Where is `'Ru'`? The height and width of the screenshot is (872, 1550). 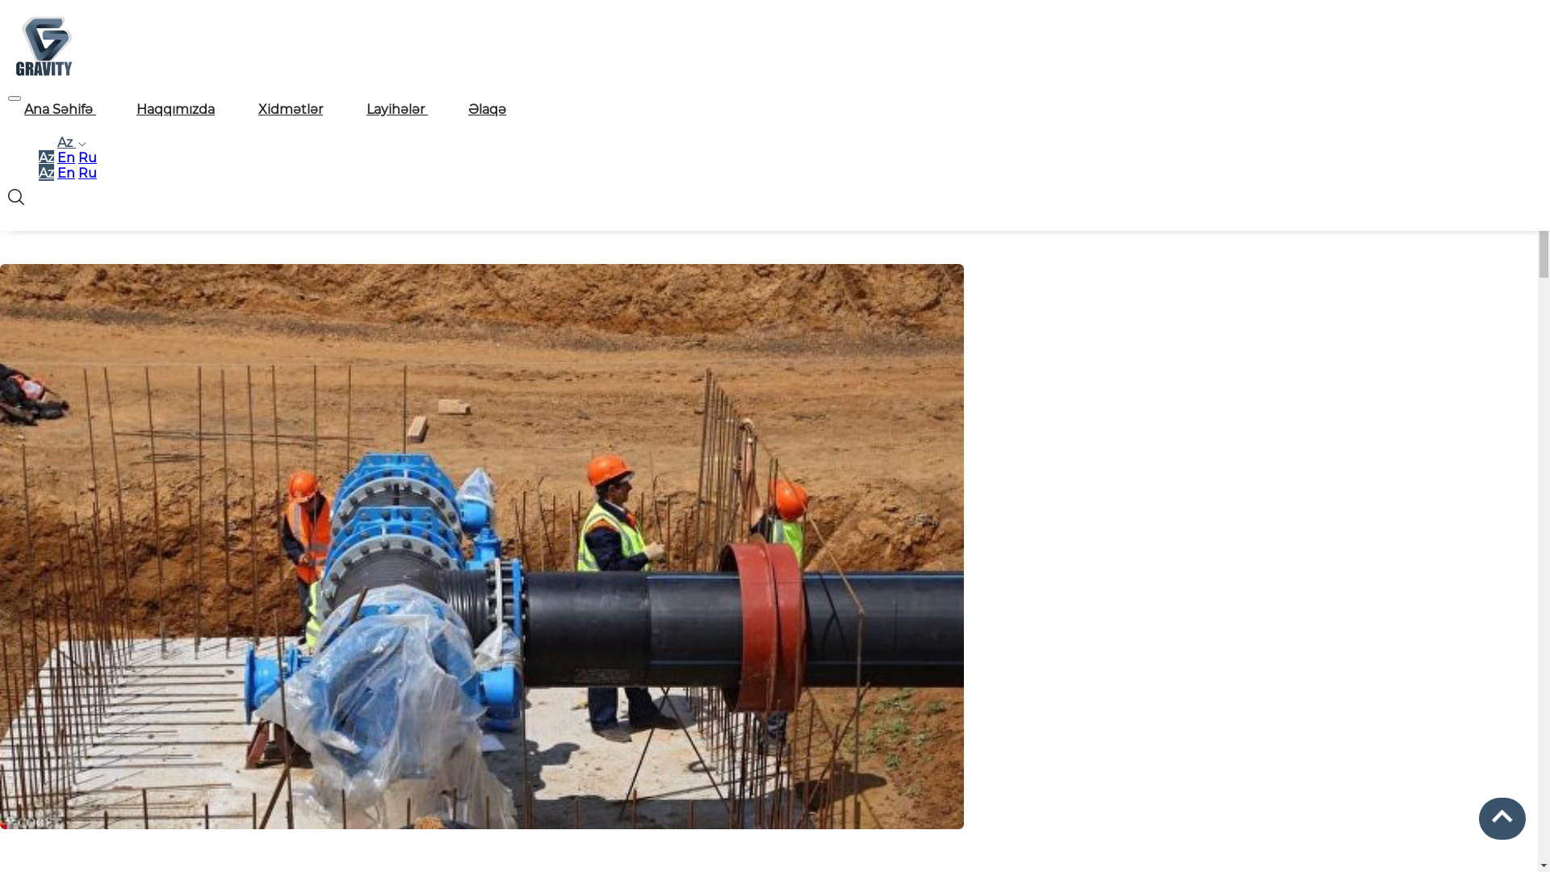 'Ru' is located at coordinates (86, 173).